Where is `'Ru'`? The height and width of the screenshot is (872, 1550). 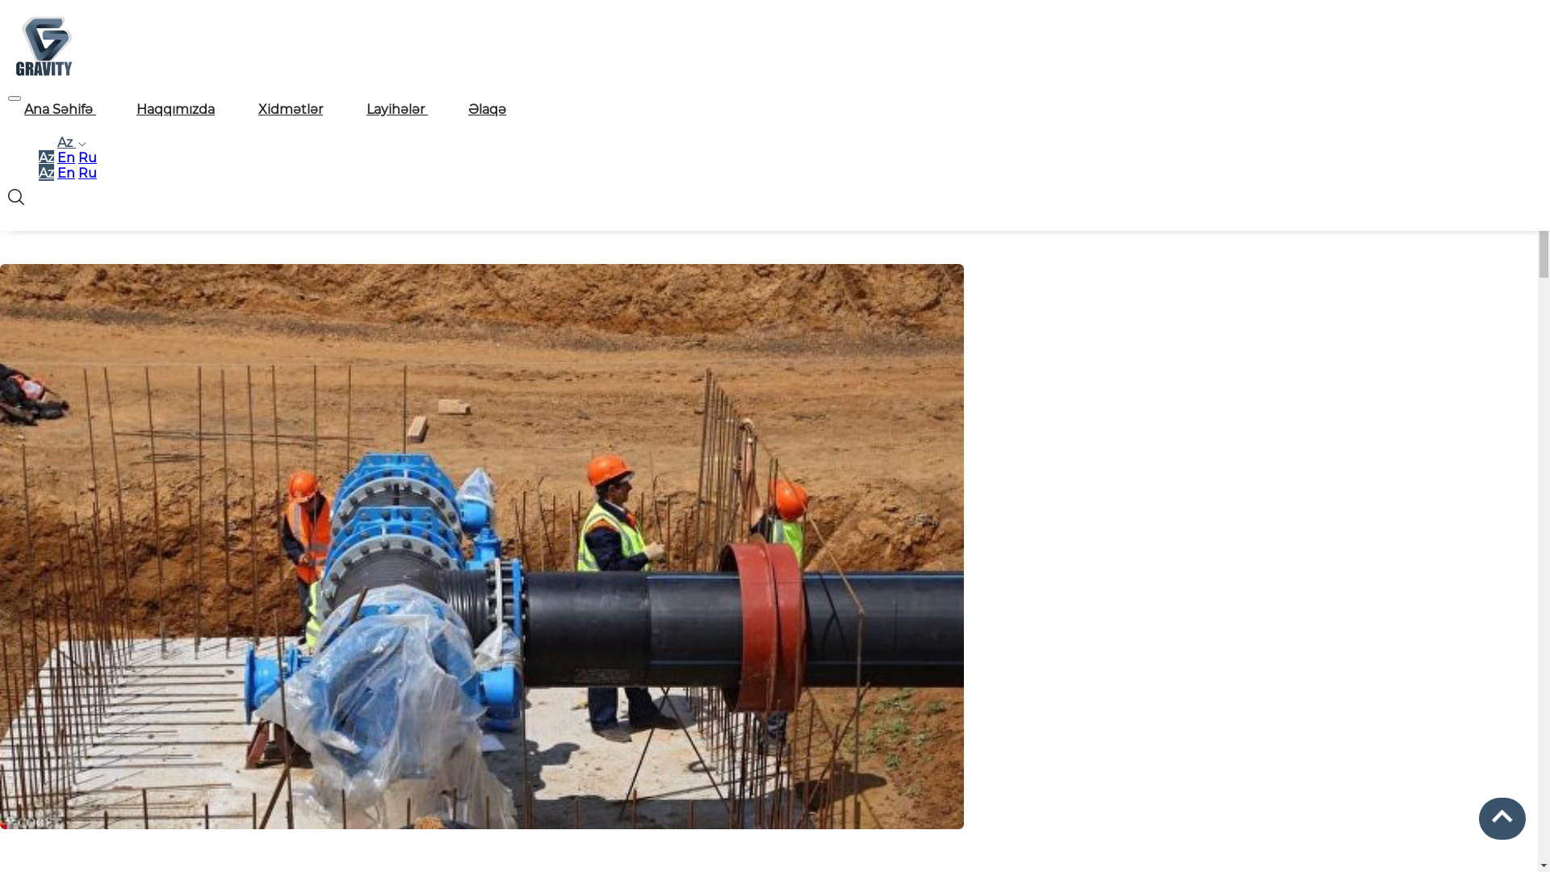 'Ru' is located at coordinates (86, 173).